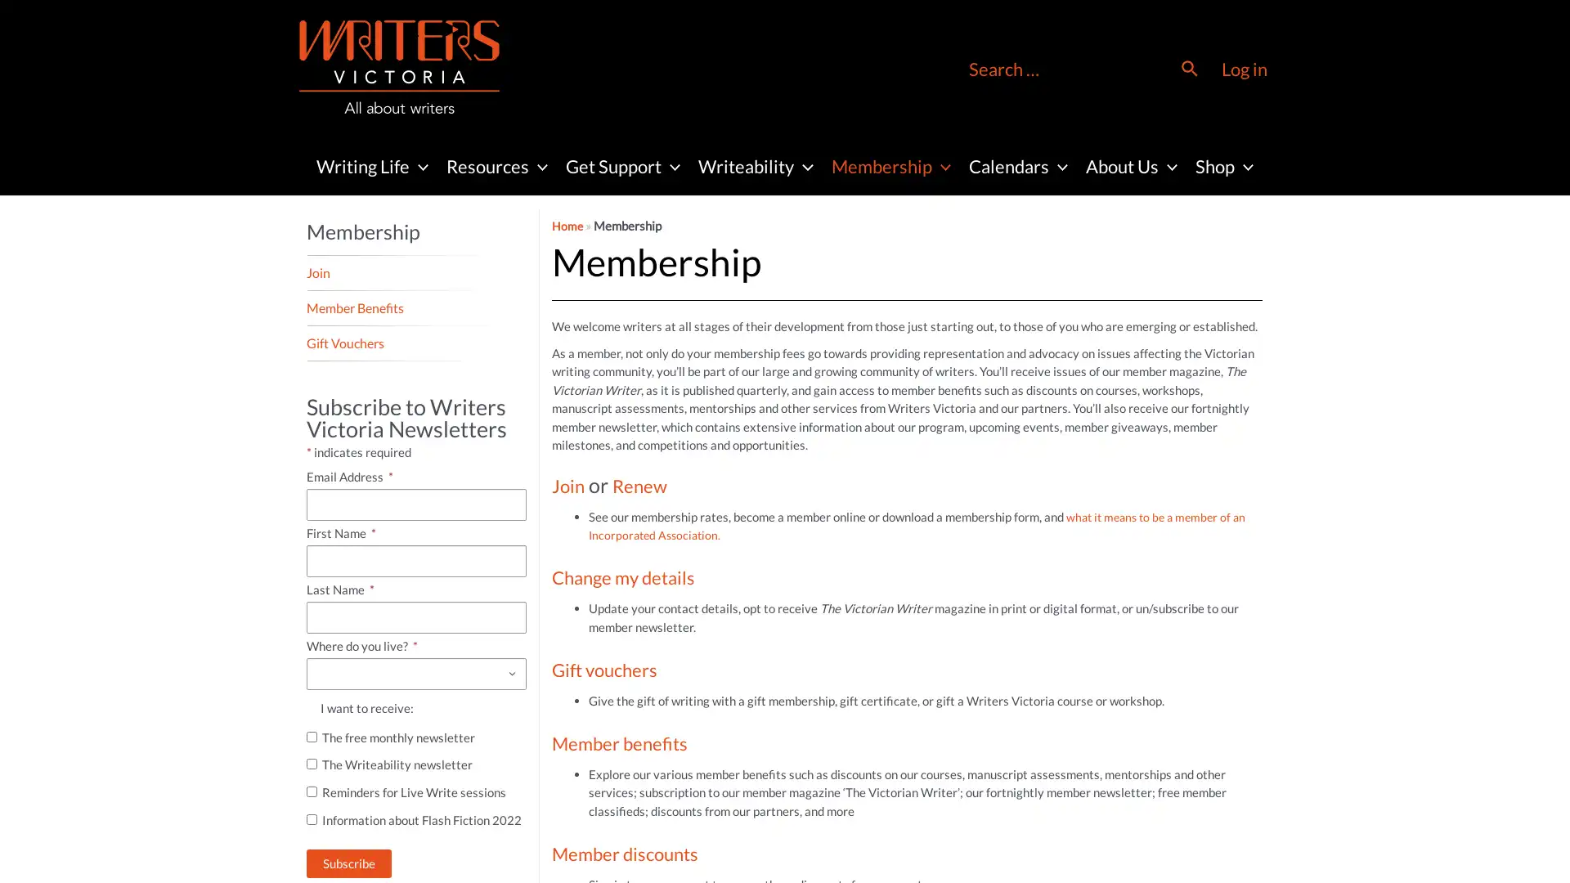 The image size is (1570, 883). Describe the element at coordinates (1190, 68) in the screenshot. I see `Search` at that location.